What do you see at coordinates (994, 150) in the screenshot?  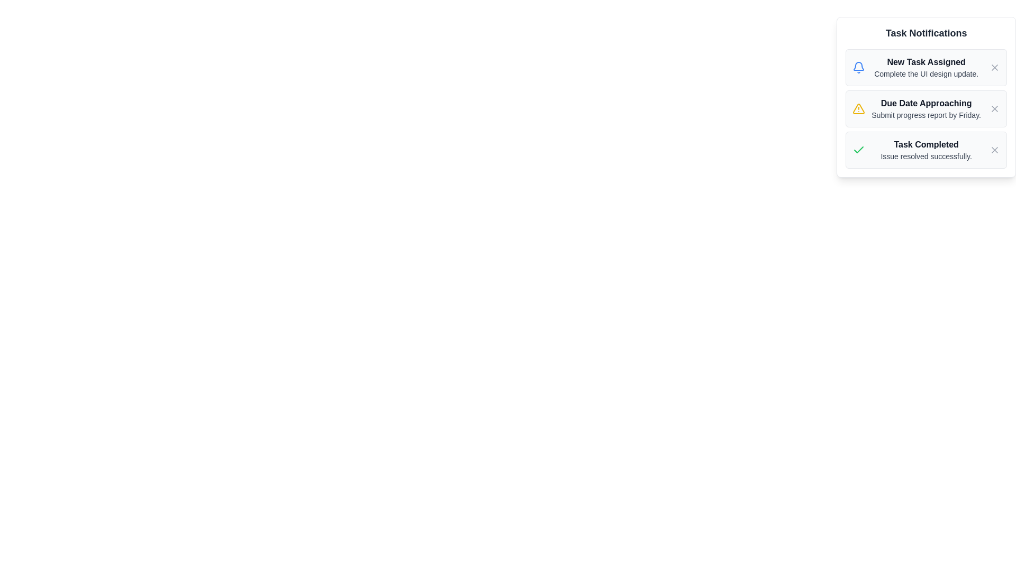 I see `the gray 'X' icon button in the top-right corner of the notification labeled 'Task Completed'` at bounding box center [994, 150].